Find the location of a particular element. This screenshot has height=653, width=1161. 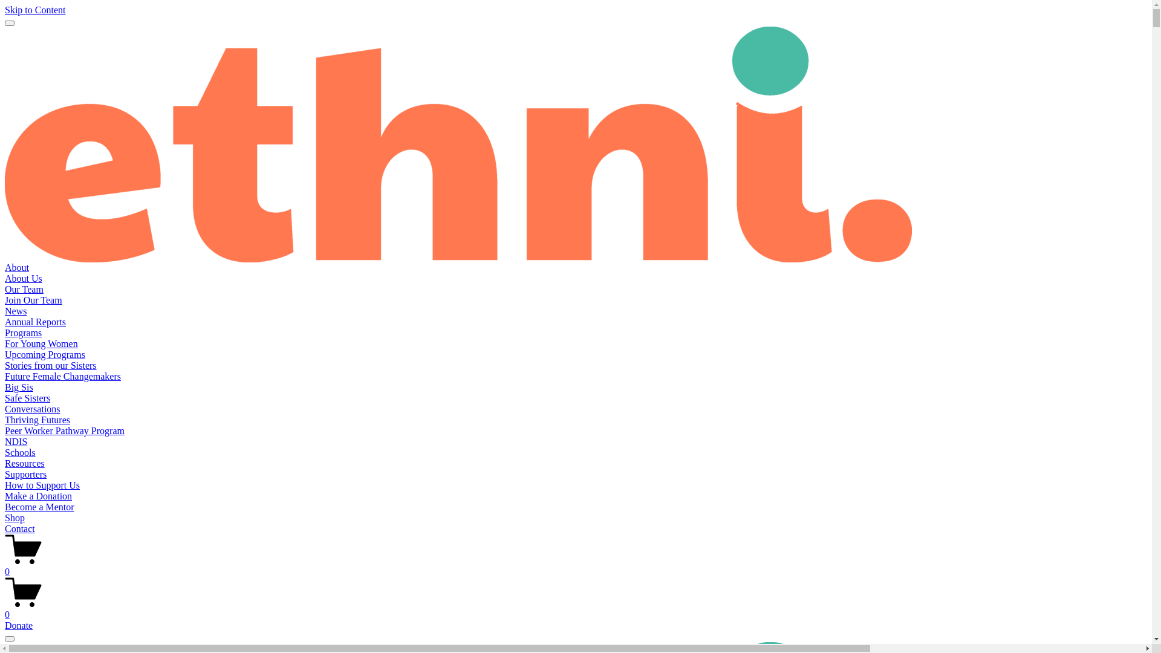

'Programs' is located at coordinates (23, 333).